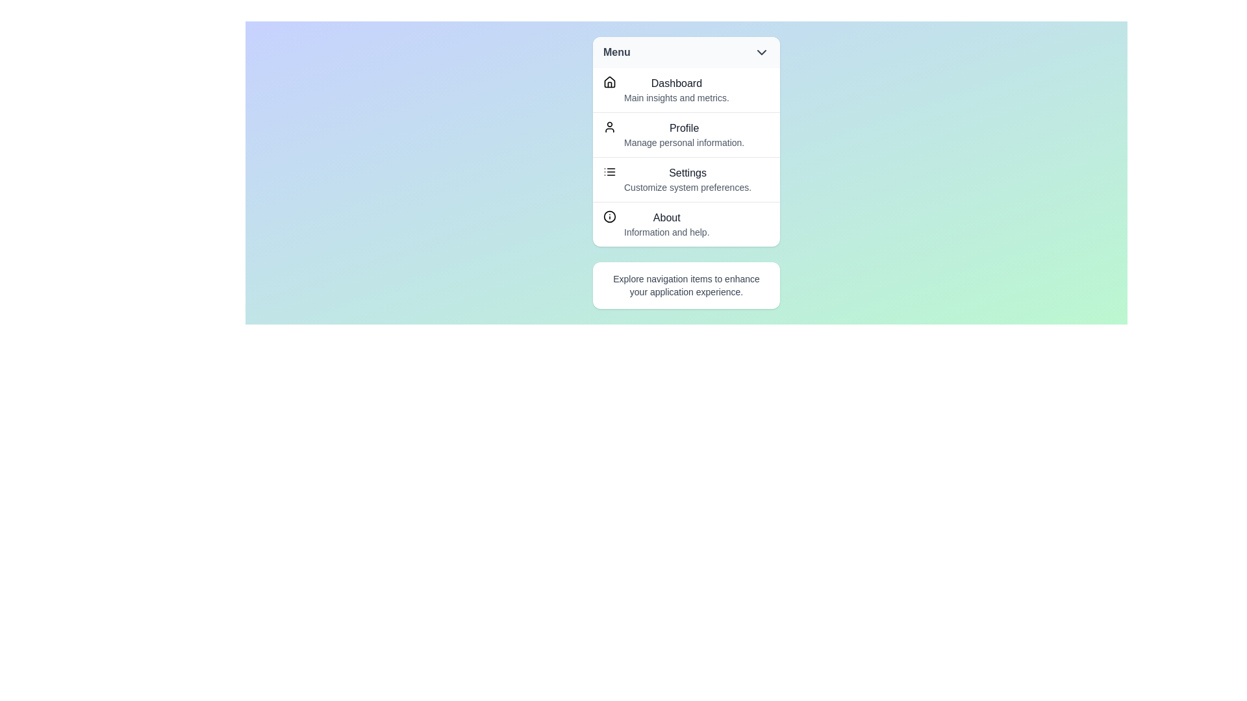  Describe the element at coordinates (685, 89) in the screenshot. I see `the menu item labeled Dashboard to preview its details` at that location.